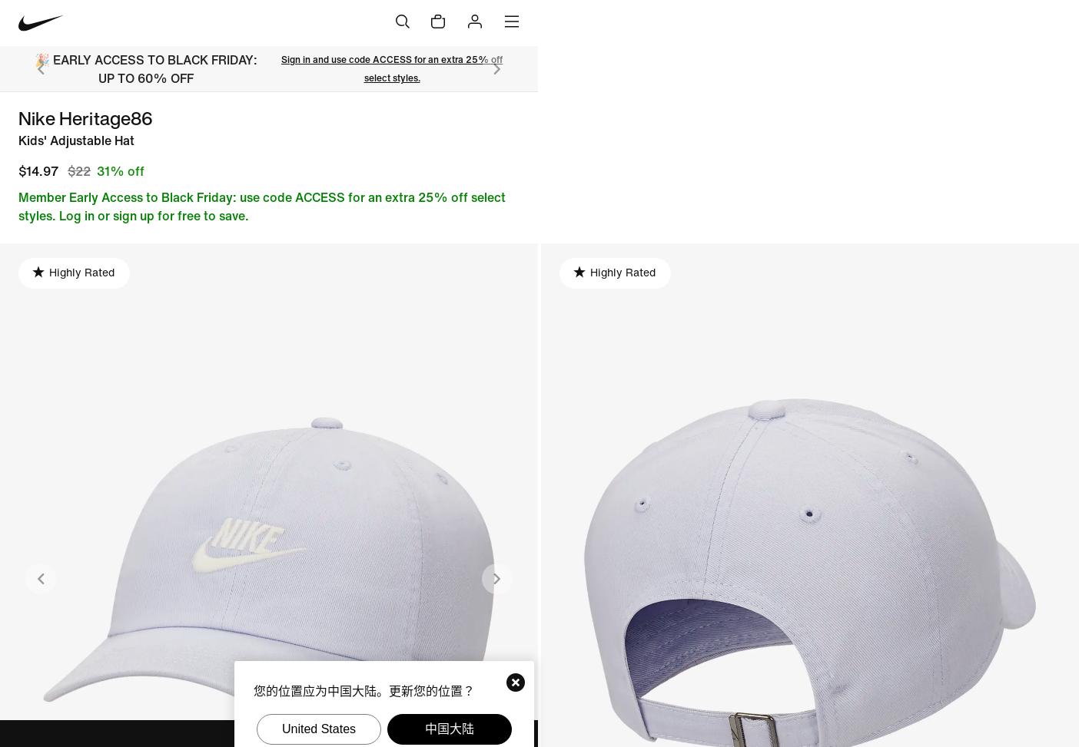 This screenshot has height=747, width=1079. What do you see at coordinates (435, 173) in the screenshot?
I see `'Air Max'` at bounding box center [435, 173].